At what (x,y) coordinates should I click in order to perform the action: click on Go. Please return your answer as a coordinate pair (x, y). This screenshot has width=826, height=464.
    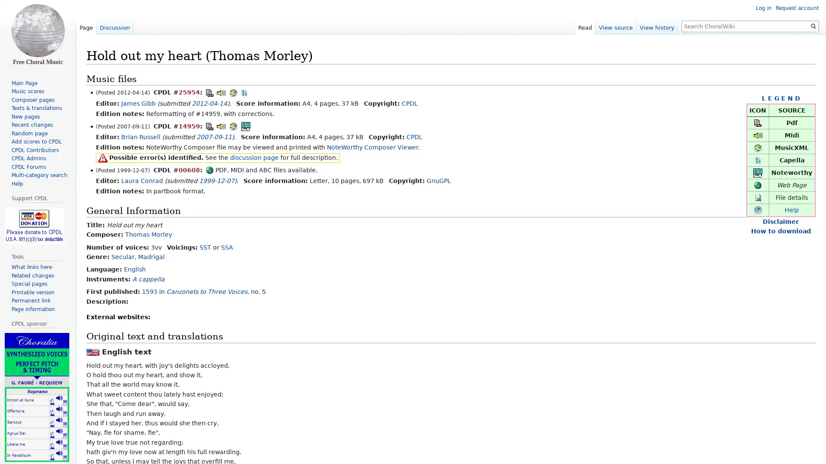
    Looking at the image, I should click on (813, 26).